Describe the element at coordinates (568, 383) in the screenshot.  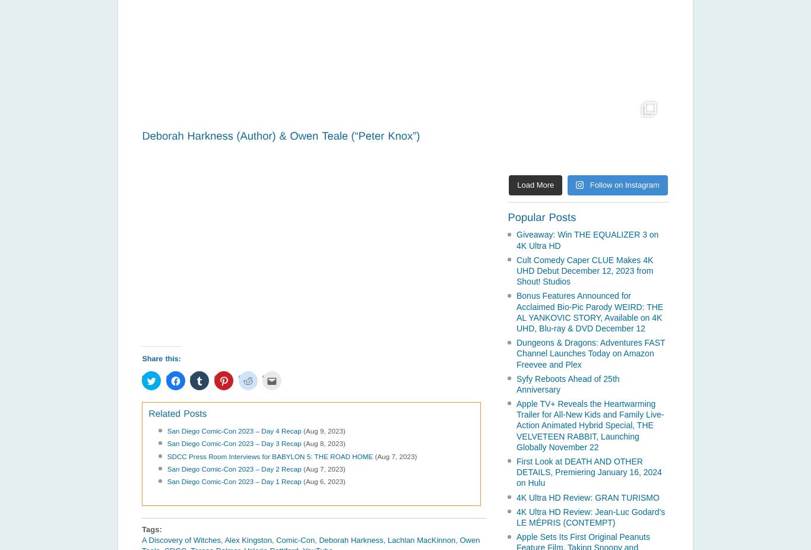
I see `'Syfy Reboots Ahead of 25th Anniversary'` at that location.